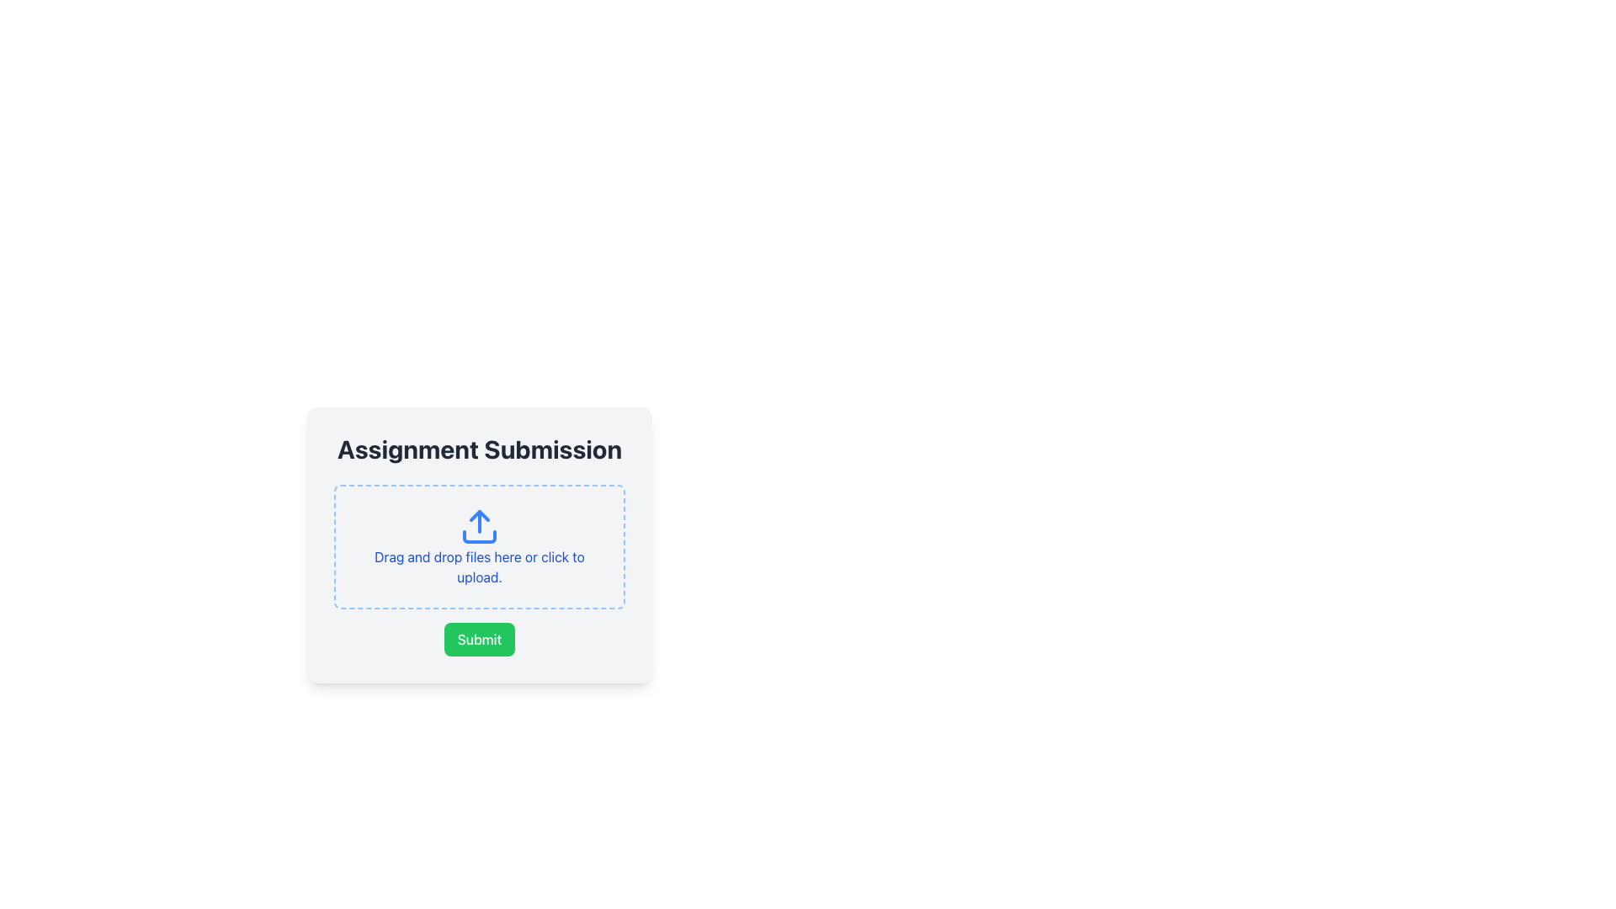 The width and height of the screenshot is (1616, 909). What do you see at coordinates (479, 525) in the screenshot?
I see `the file upload icon located centrally within the dashed-bordered box beneath the 'Assignment Submission' heading and above the 'Submit' text` at bounding box center [479, 525].